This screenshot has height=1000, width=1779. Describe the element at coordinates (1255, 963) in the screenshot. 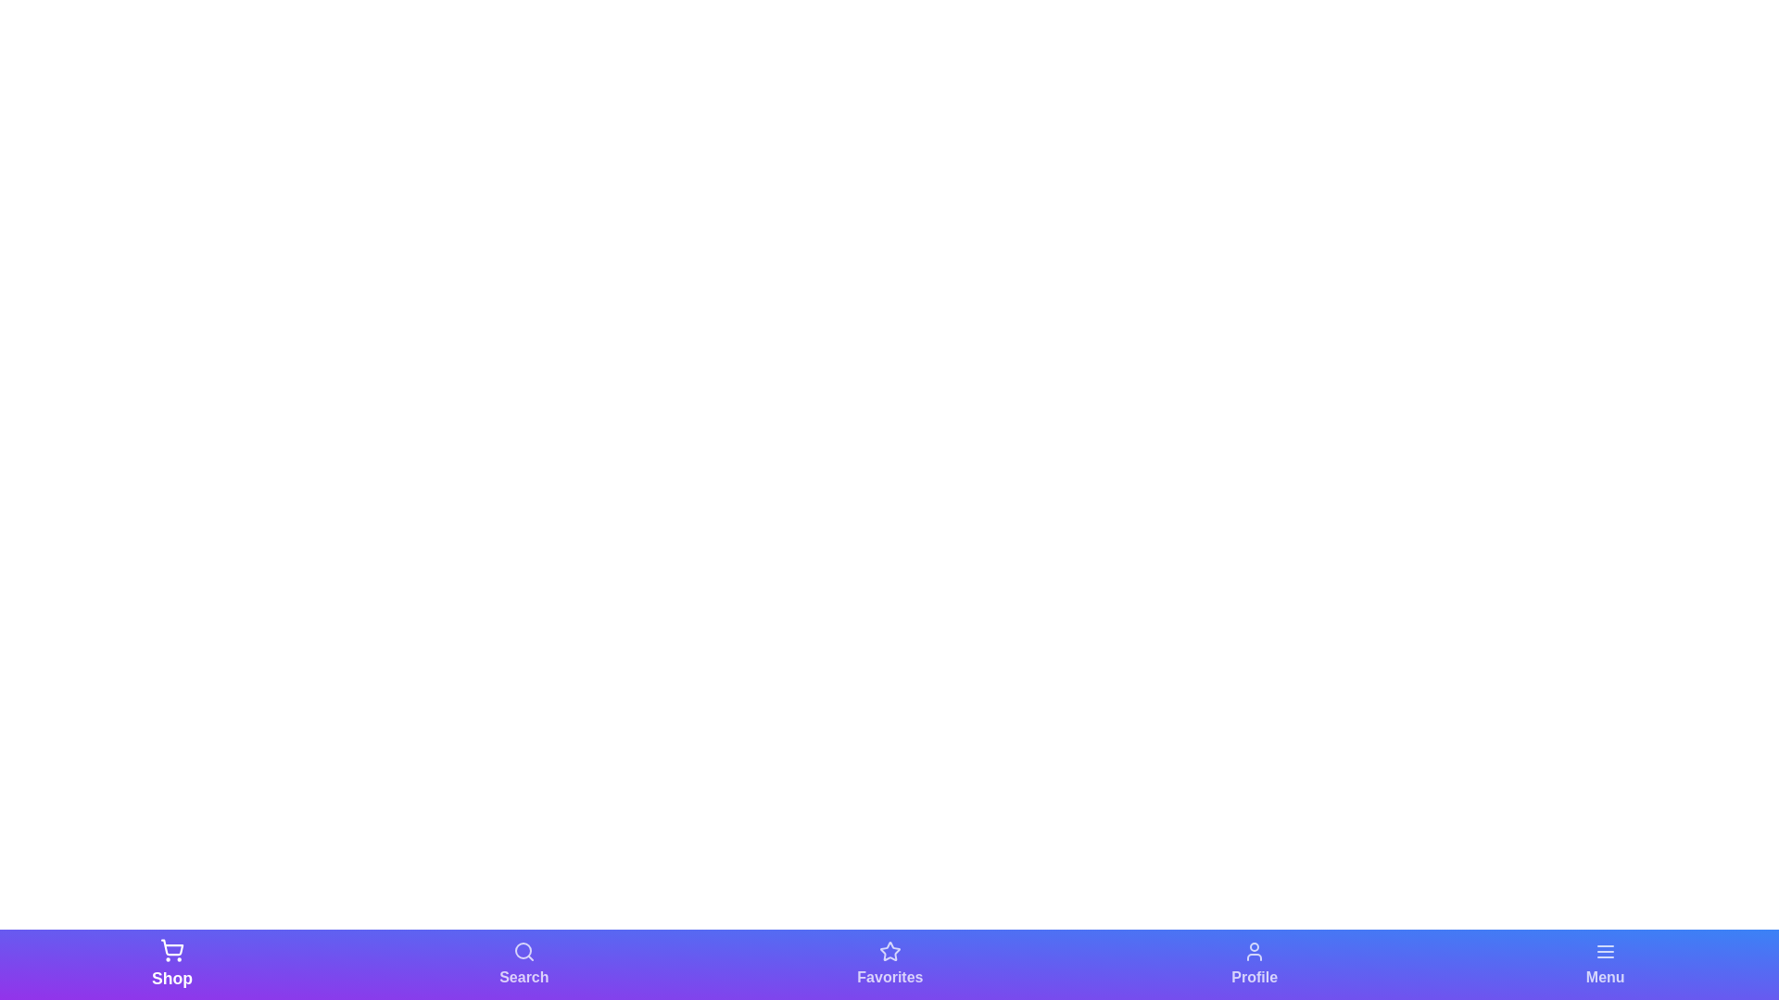

I see `the navigation bar element labeled Profile` at that location.